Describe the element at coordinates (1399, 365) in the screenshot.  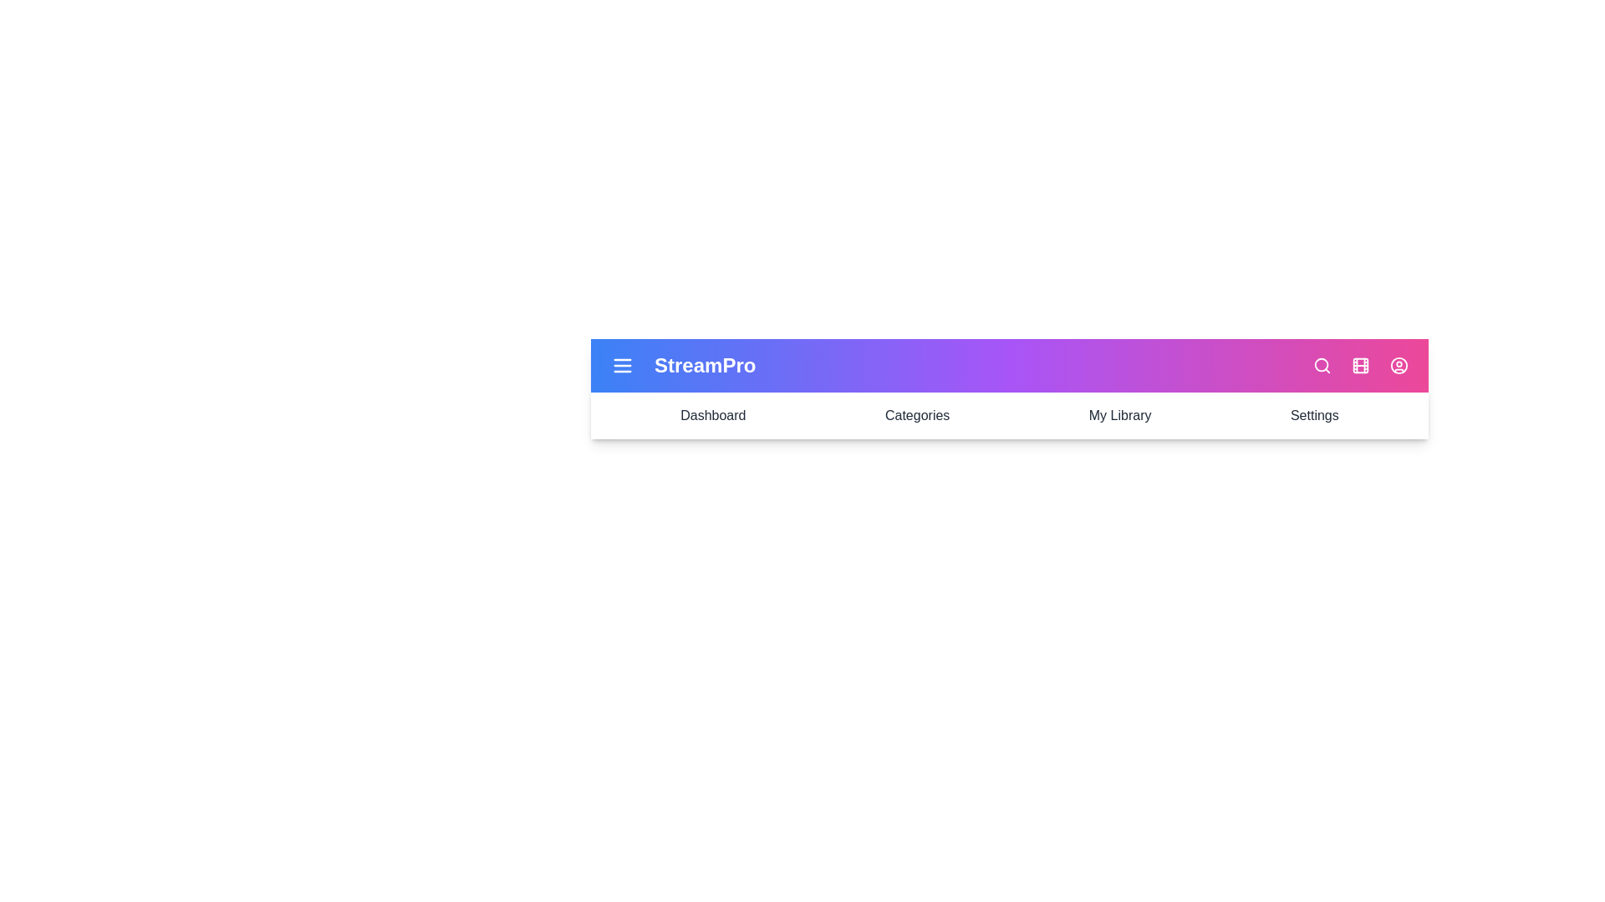
I see `the interactive element user_circle_icon to observe its hover effect` at that location.